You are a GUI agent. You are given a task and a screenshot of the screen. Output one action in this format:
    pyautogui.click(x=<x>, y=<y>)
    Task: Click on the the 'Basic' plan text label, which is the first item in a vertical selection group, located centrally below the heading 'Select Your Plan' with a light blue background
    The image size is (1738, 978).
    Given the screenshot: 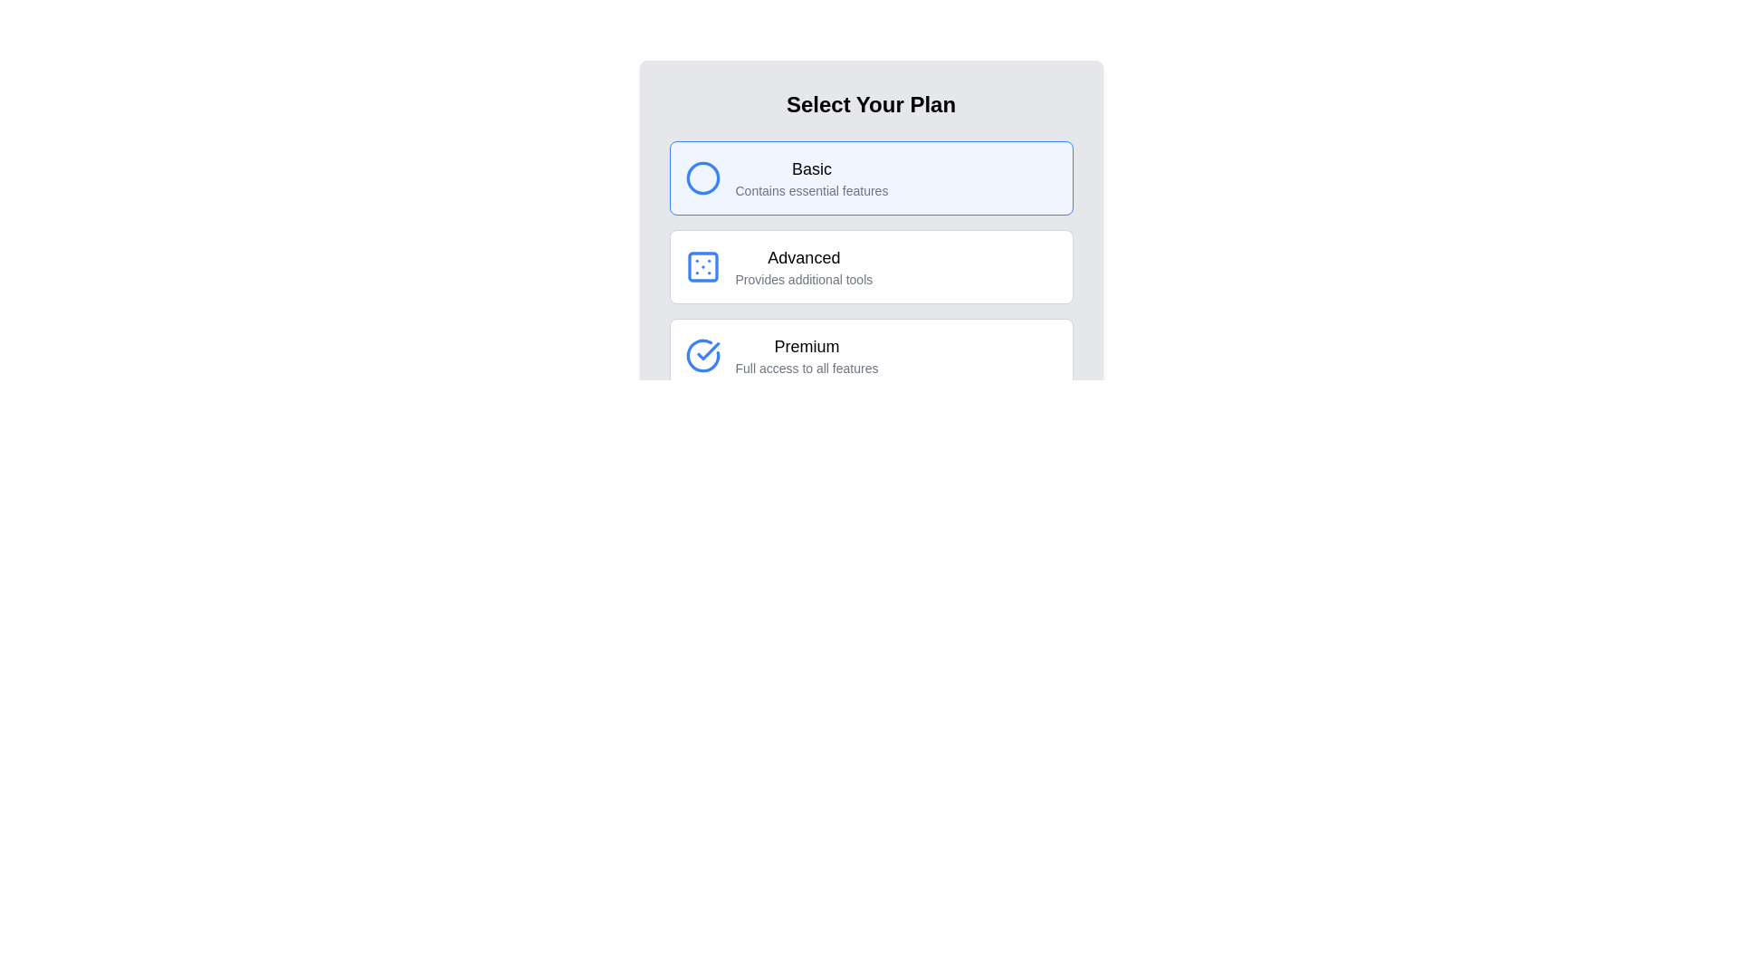 What is the action you would take?
    pyautogui.click(x=811, y=177)
    